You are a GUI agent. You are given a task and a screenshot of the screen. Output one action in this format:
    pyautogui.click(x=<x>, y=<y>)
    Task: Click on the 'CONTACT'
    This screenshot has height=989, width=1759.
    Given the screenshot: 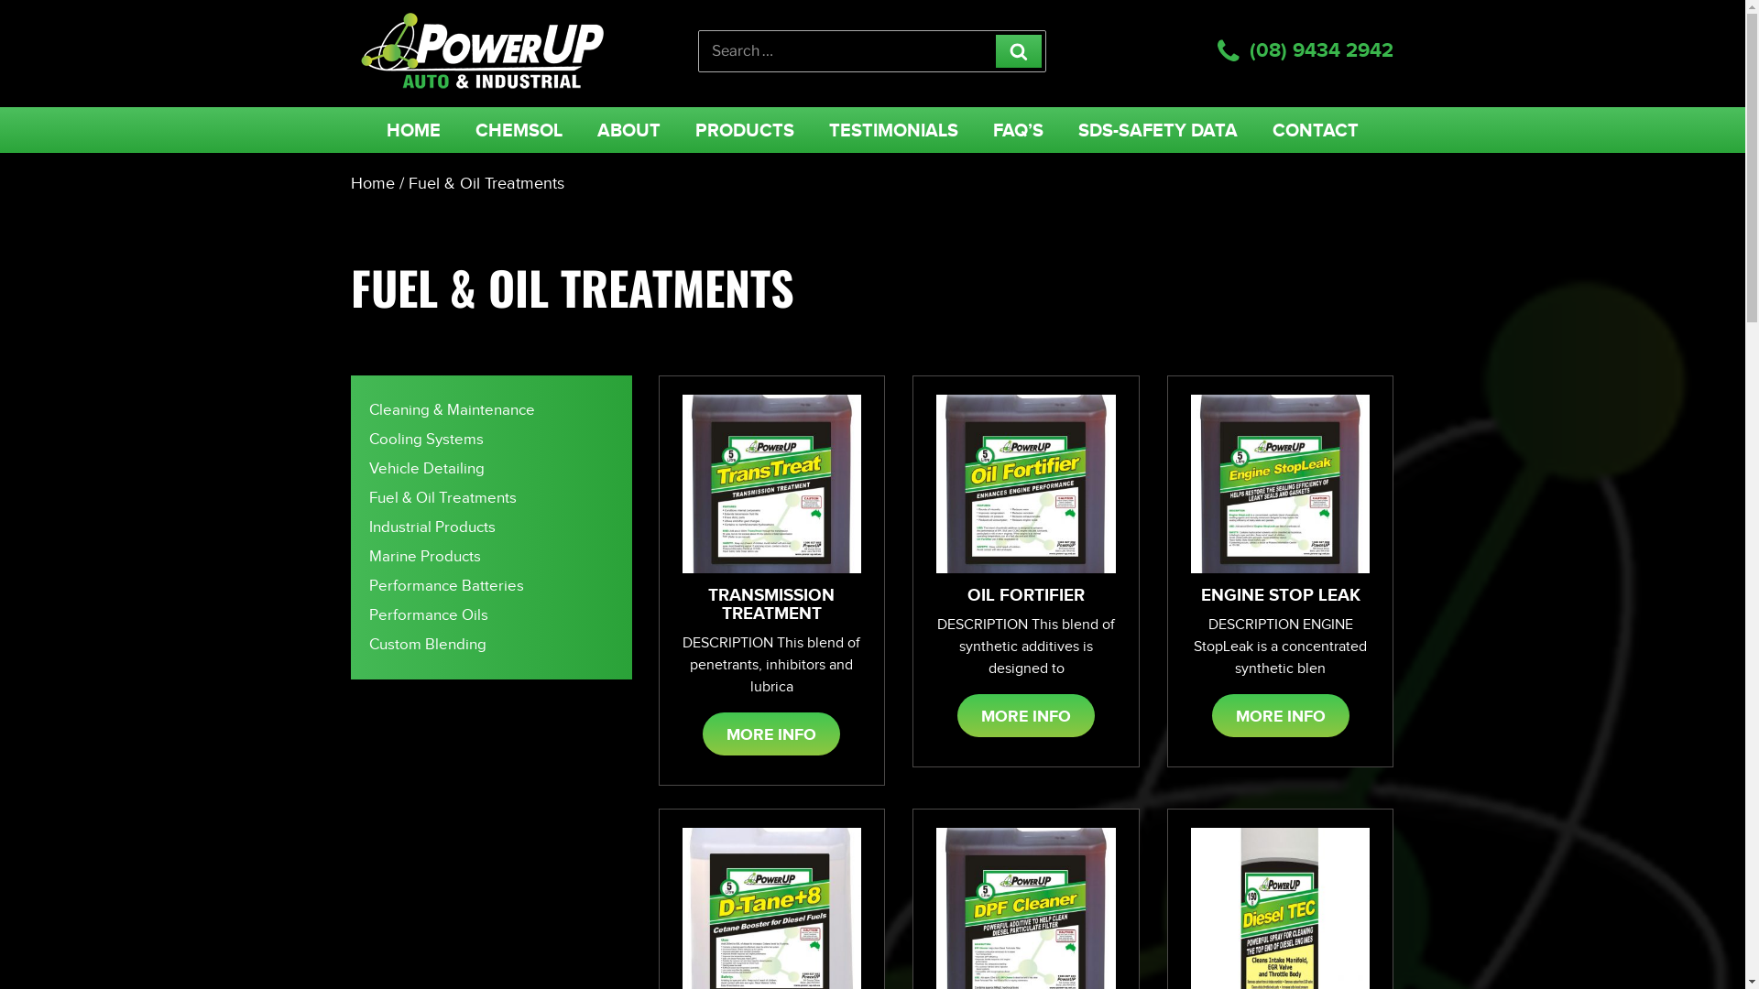 What is the action you would take?
    pyautogui.click(x=1271, y=129)
    